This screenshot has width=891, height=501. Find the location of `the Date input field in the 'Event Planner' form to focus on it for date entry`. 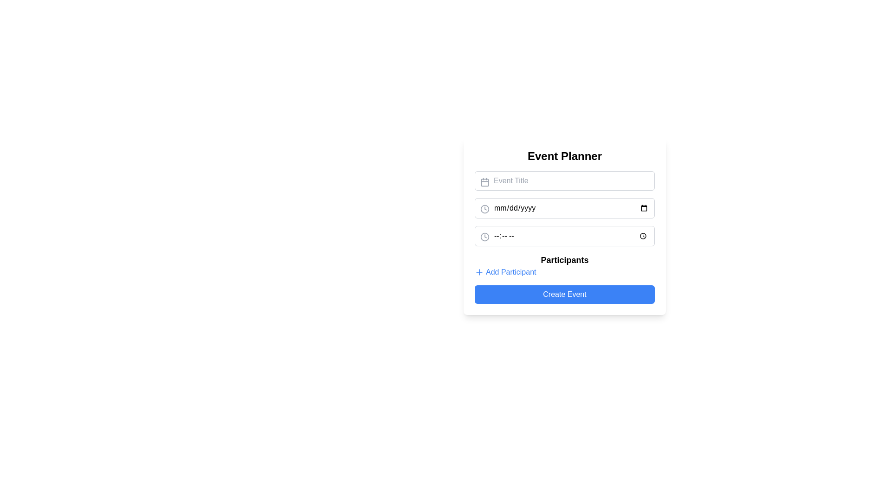

the Date input field in the 'Event Planner' form to focus on it for date entry is located at coordinates (564, 207).